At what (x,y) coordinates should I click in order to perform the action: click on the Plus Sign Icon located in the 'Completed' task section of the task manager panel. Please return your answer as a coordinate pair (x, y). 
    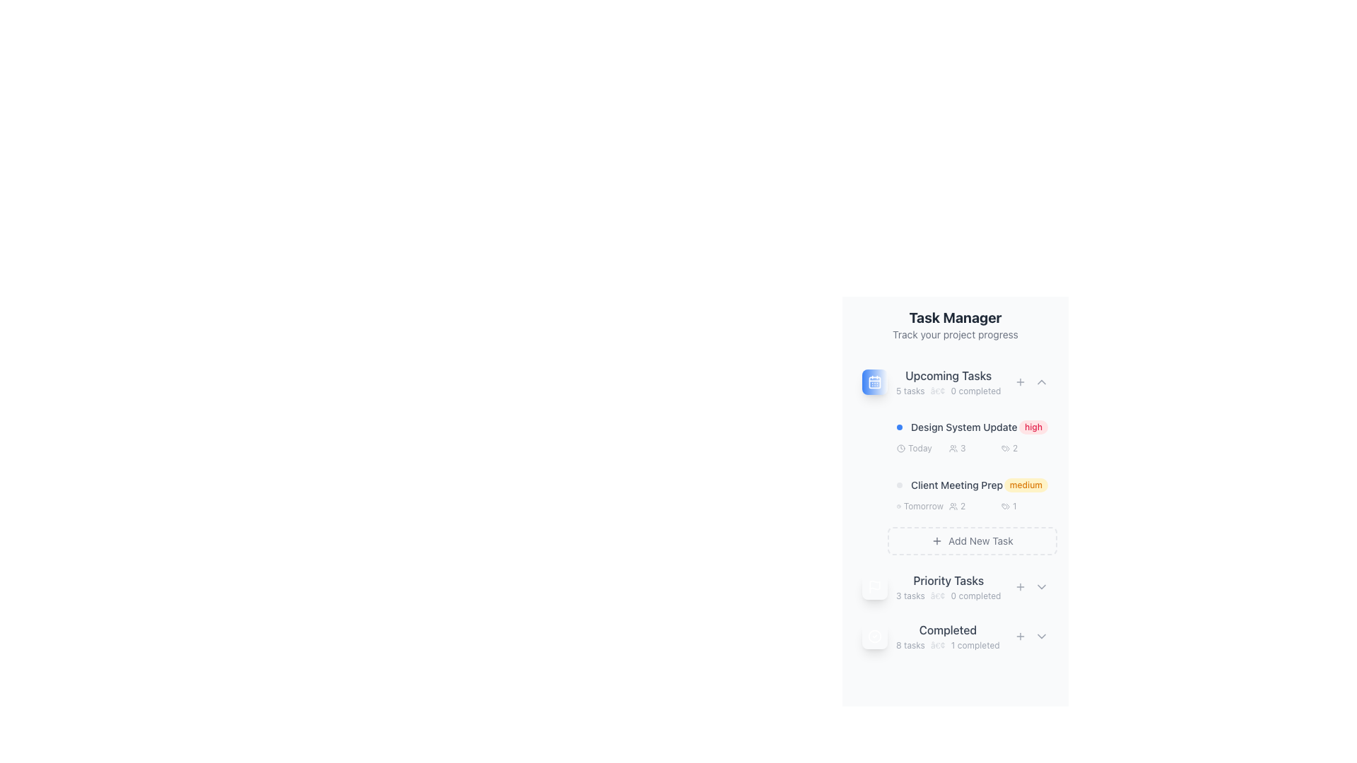
    Looking at the image, I should click on (1021, 637).